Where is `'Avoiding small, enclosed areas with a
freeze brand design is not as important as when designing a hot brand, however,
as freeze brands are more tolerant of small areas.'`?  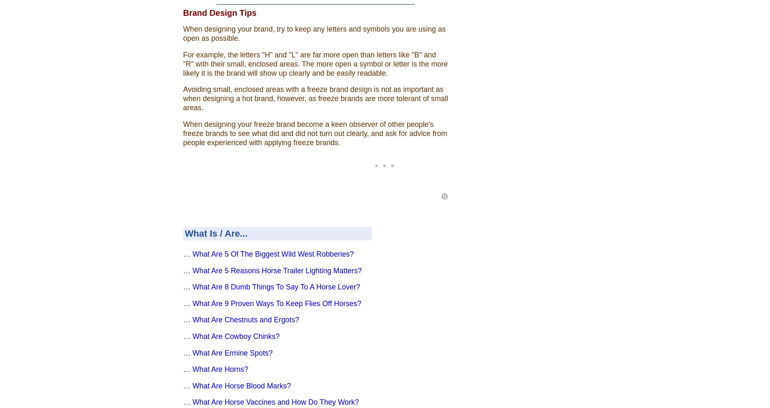
'Avoiding small, enclosed areas with a
freeze brand design is not as important as when designing a hot brand, however,
as freeze brands are more tolerant of small areas.' is located at coordinates (315, 98).